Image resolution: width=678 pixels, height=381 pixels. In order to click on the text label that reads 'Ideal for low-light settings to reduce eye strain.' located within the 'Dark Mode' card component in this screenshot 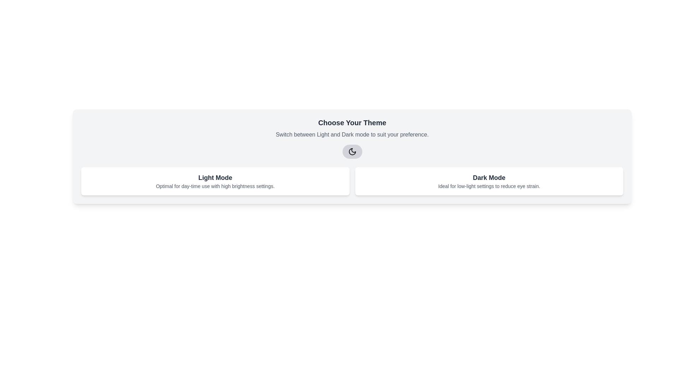, I will do `click(489, 186)`.